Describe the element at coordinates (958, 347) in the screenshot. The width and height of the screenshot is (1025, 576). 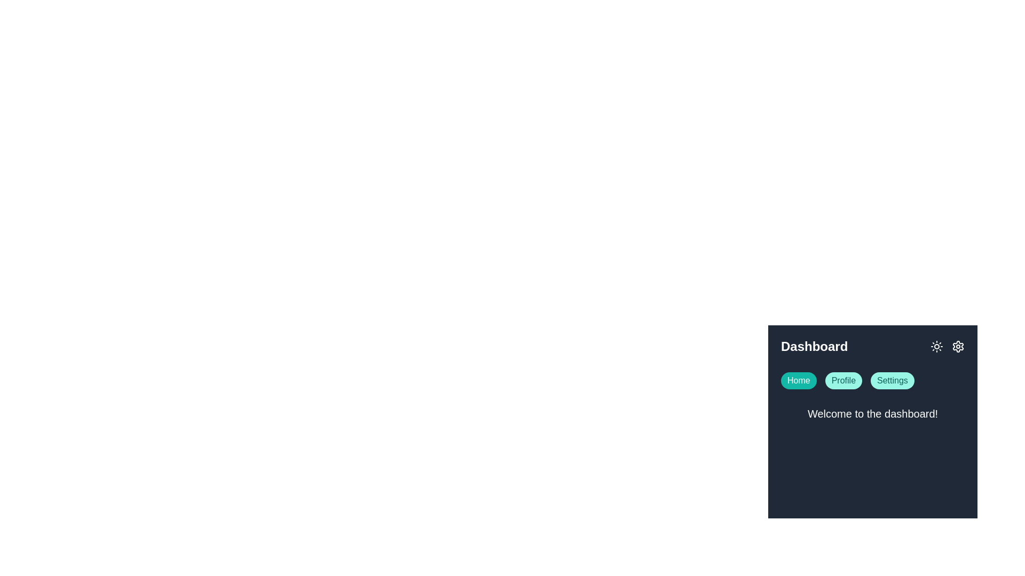
I see `the settings icon located in the upper-right corner of the dashboard interface` at that location.